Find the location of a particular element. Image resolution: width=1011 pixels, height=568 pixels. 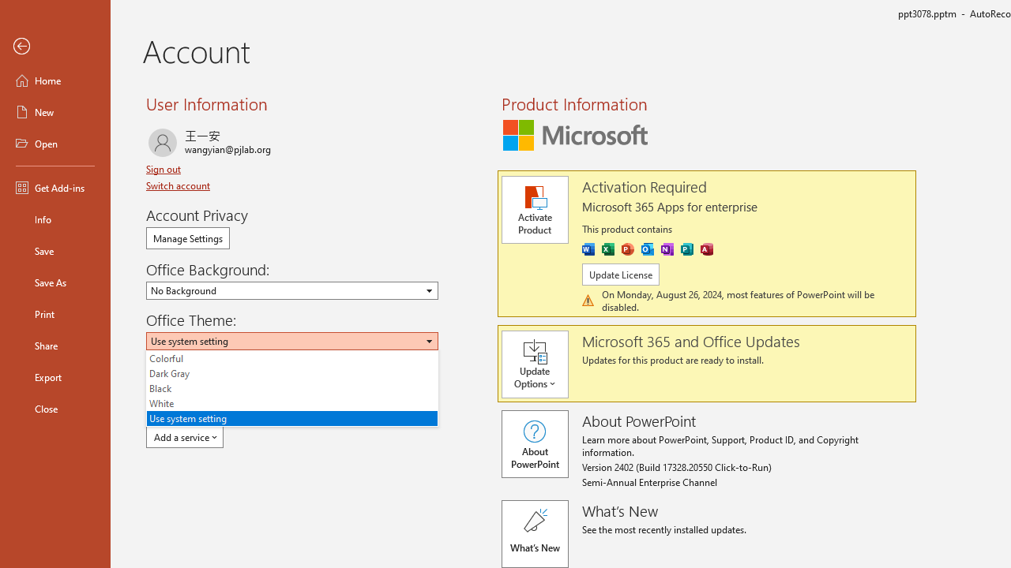

'Office Theme' is located at coordinates (292, 340).